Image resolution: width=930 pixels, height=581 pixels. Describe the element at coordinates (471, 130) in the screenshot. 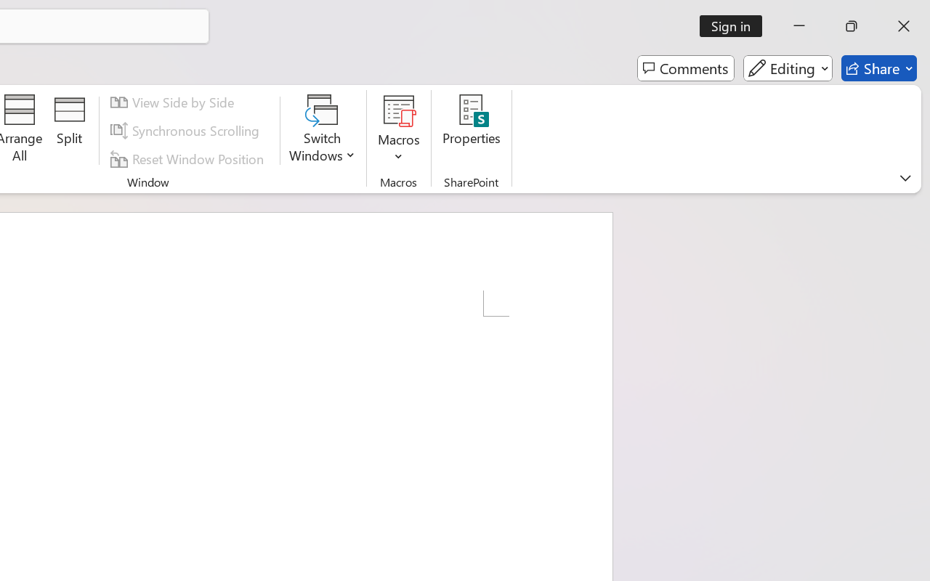

I see `'Properties'` at that location.